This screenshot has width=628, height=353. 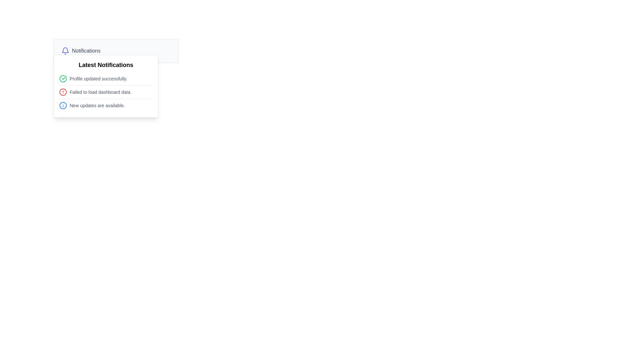 What do you see at coordinates (106, 92) in the screenshot?
I see `notification message that indicates a failure to load dashboard data, which is visually emphasized by a red alert icon and gray text, located in the notifications panel` at bounding box center [106, 92].